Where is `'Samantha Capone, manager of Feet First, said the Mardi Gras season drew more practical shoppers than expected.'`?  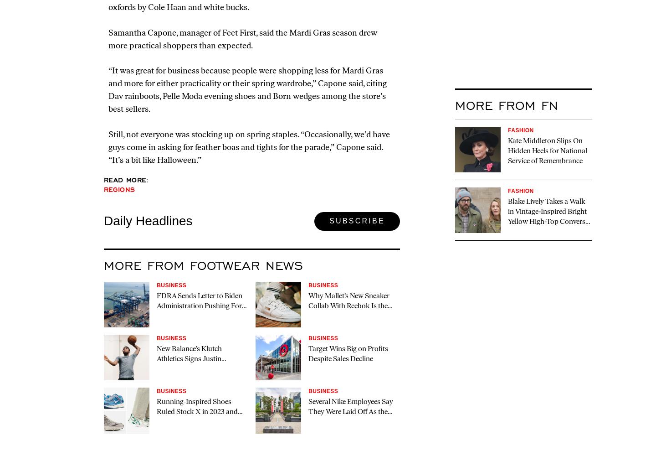
'Samantha Capone, manager of Feet First, said the Mardi Gras season drew more practical shoppers than expected.' is located at coordinates (242, 39).